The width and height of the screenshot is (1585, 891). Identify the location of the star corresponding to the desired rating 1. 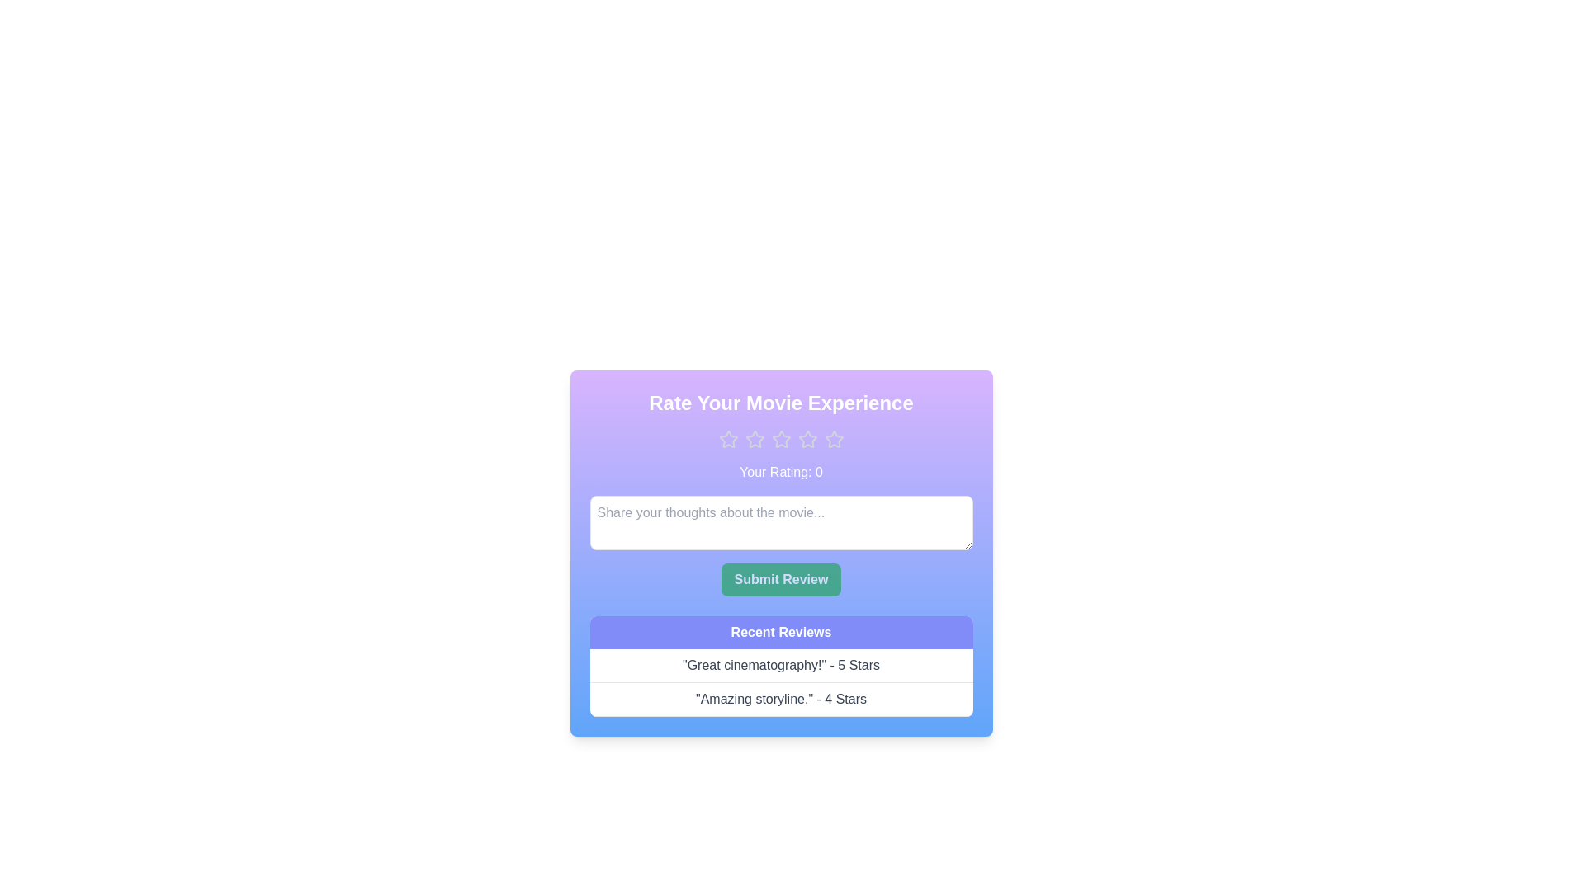
(727, 438).